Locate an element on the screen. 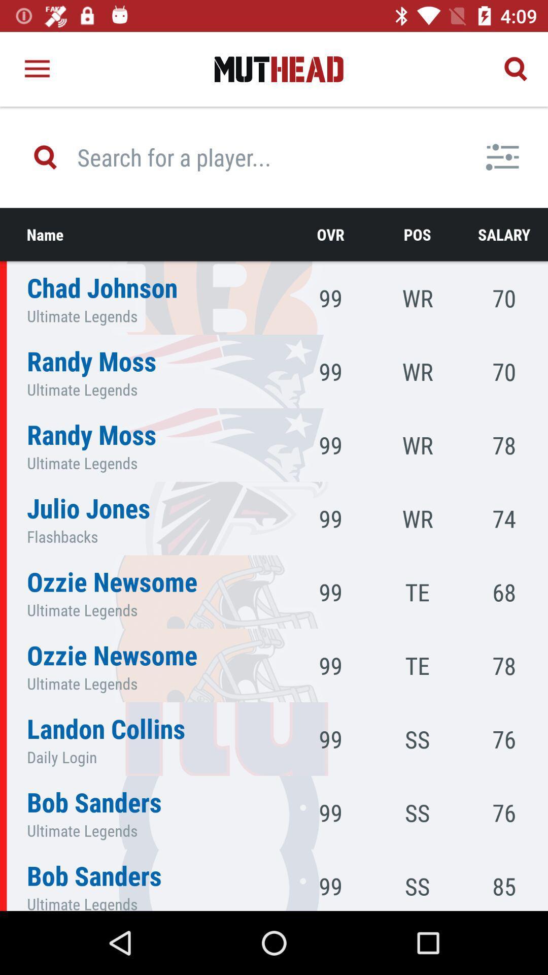  the sliders icon is located at coordinates (502, 156).